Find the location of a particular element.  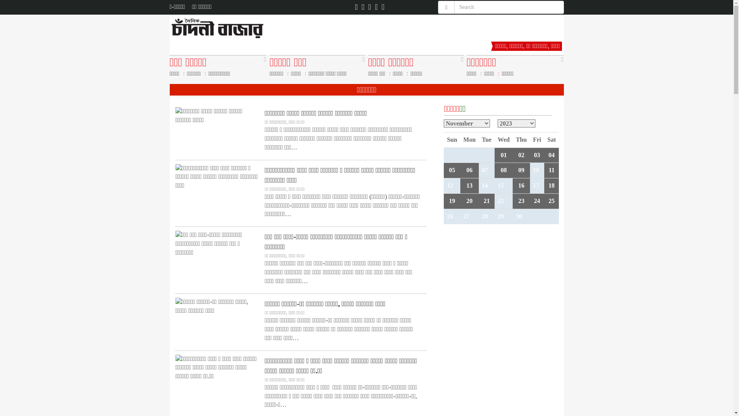

'03' is located at coordinates (537, 155).